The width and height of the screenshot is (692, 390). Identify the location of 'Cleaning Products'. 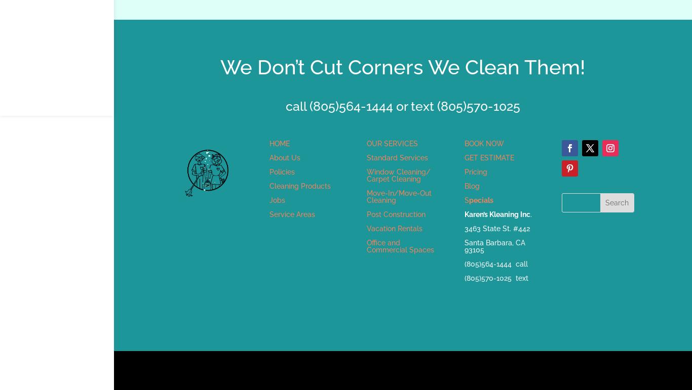
(268, 185).